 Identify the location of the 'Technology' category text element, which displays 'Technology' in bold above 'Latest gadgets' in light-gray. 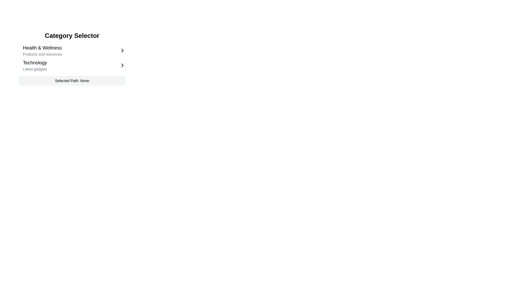
(34, 65).